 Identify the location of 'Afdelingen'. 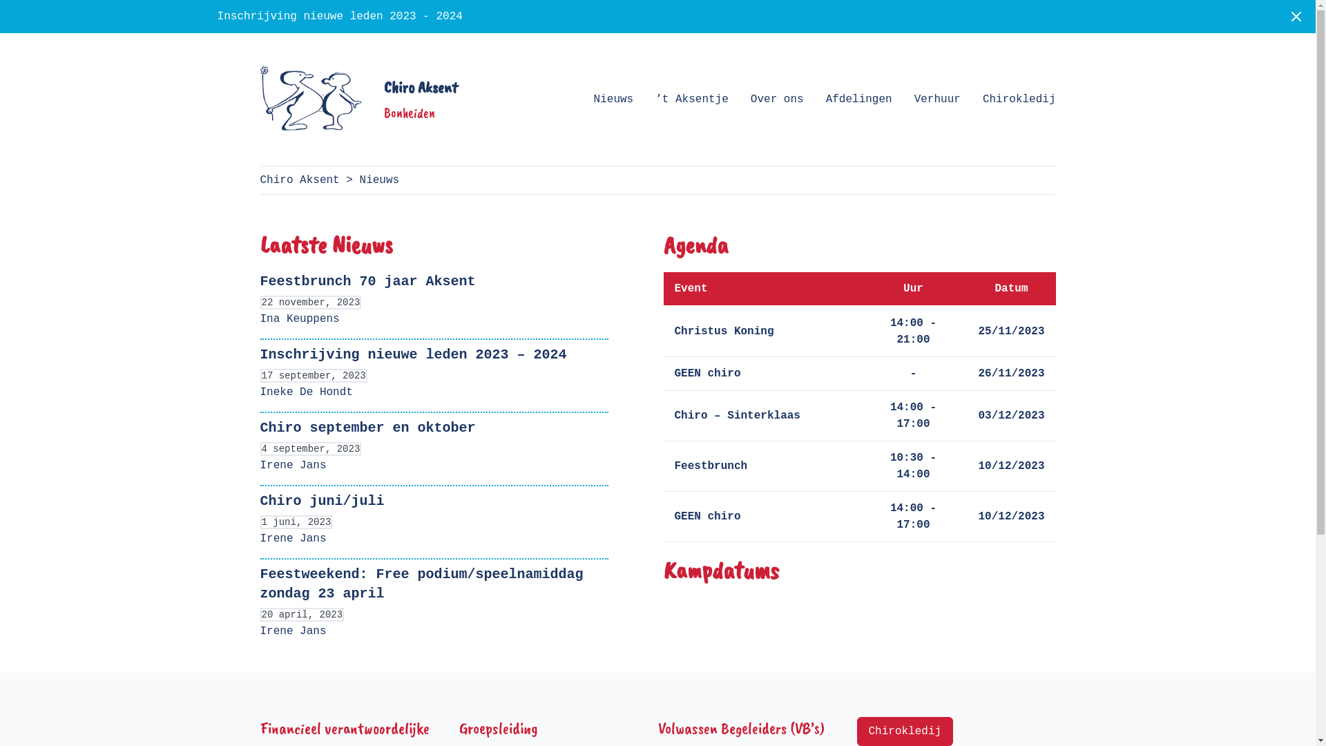
(858, 98).